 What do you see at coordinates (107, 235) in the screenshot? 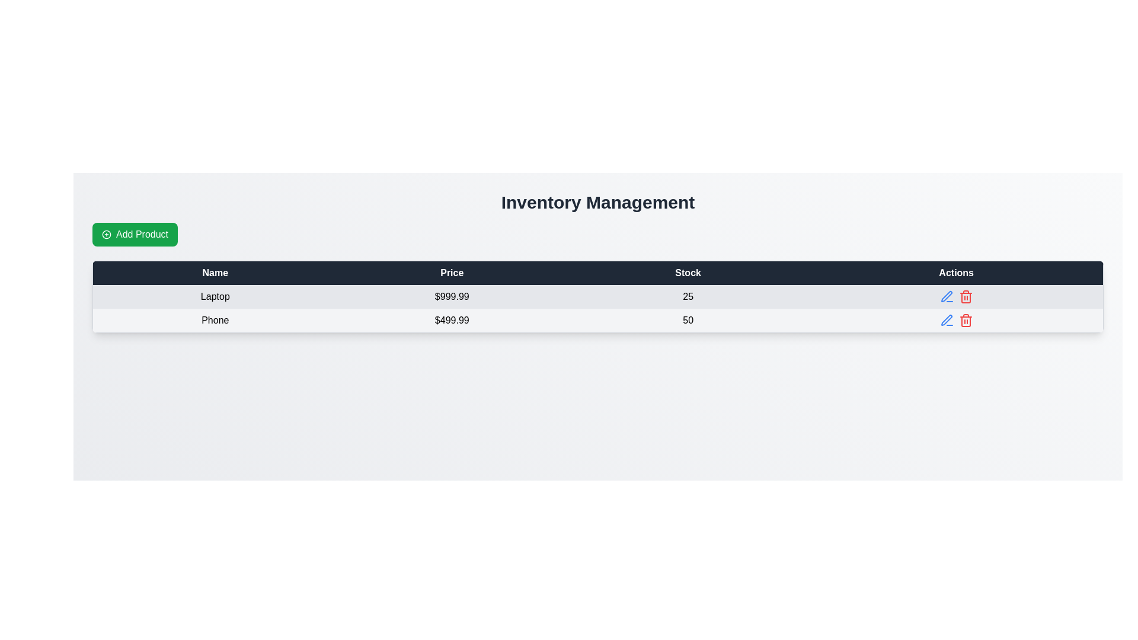
I see `SVG circle that is part of the '+' symbol inside the green 'Add Product' button located in the top-left section of the main interface` at bounding box center [107, 235].